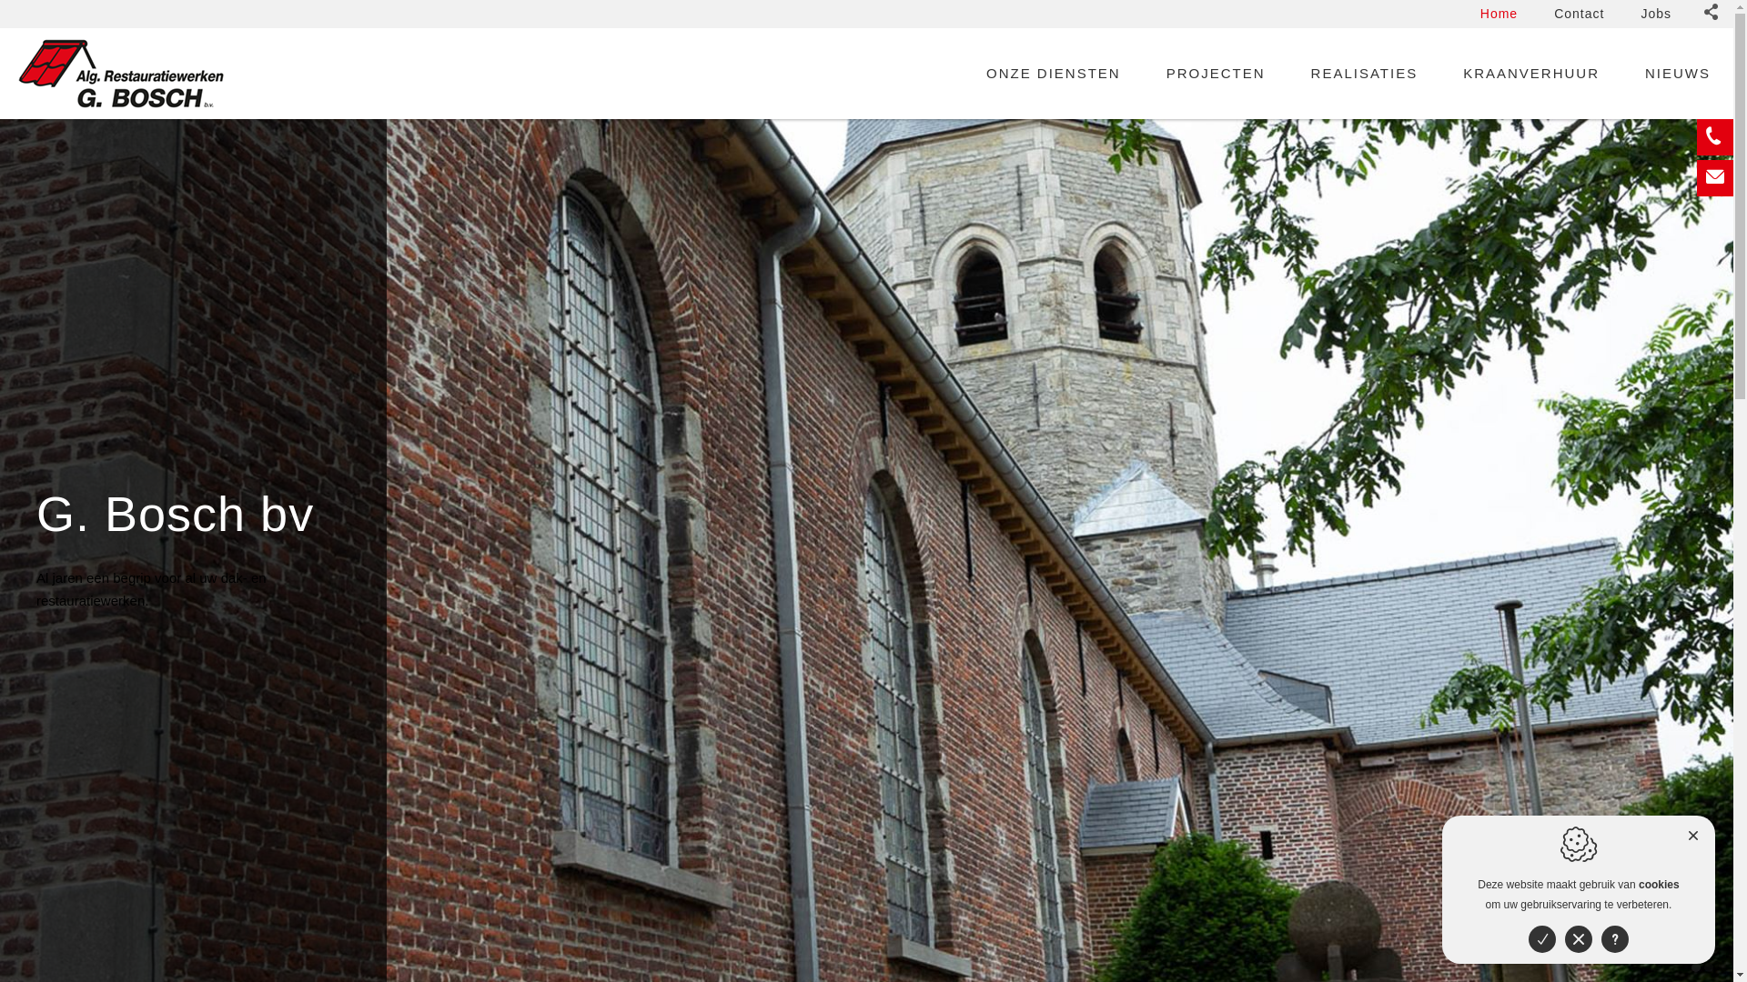  I want to click on '1', so click(1690, 966).